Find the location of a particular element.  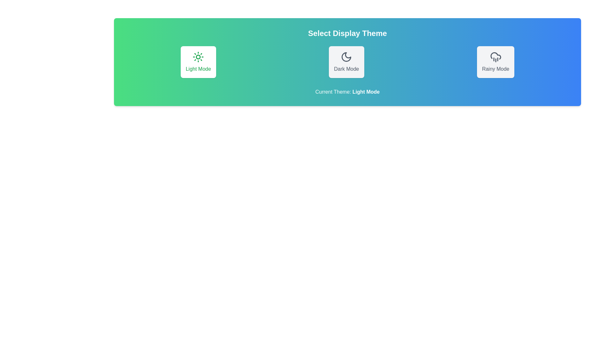

the button corresponding to Light Mode to select the desired theme is located at coordinates (198, 62).